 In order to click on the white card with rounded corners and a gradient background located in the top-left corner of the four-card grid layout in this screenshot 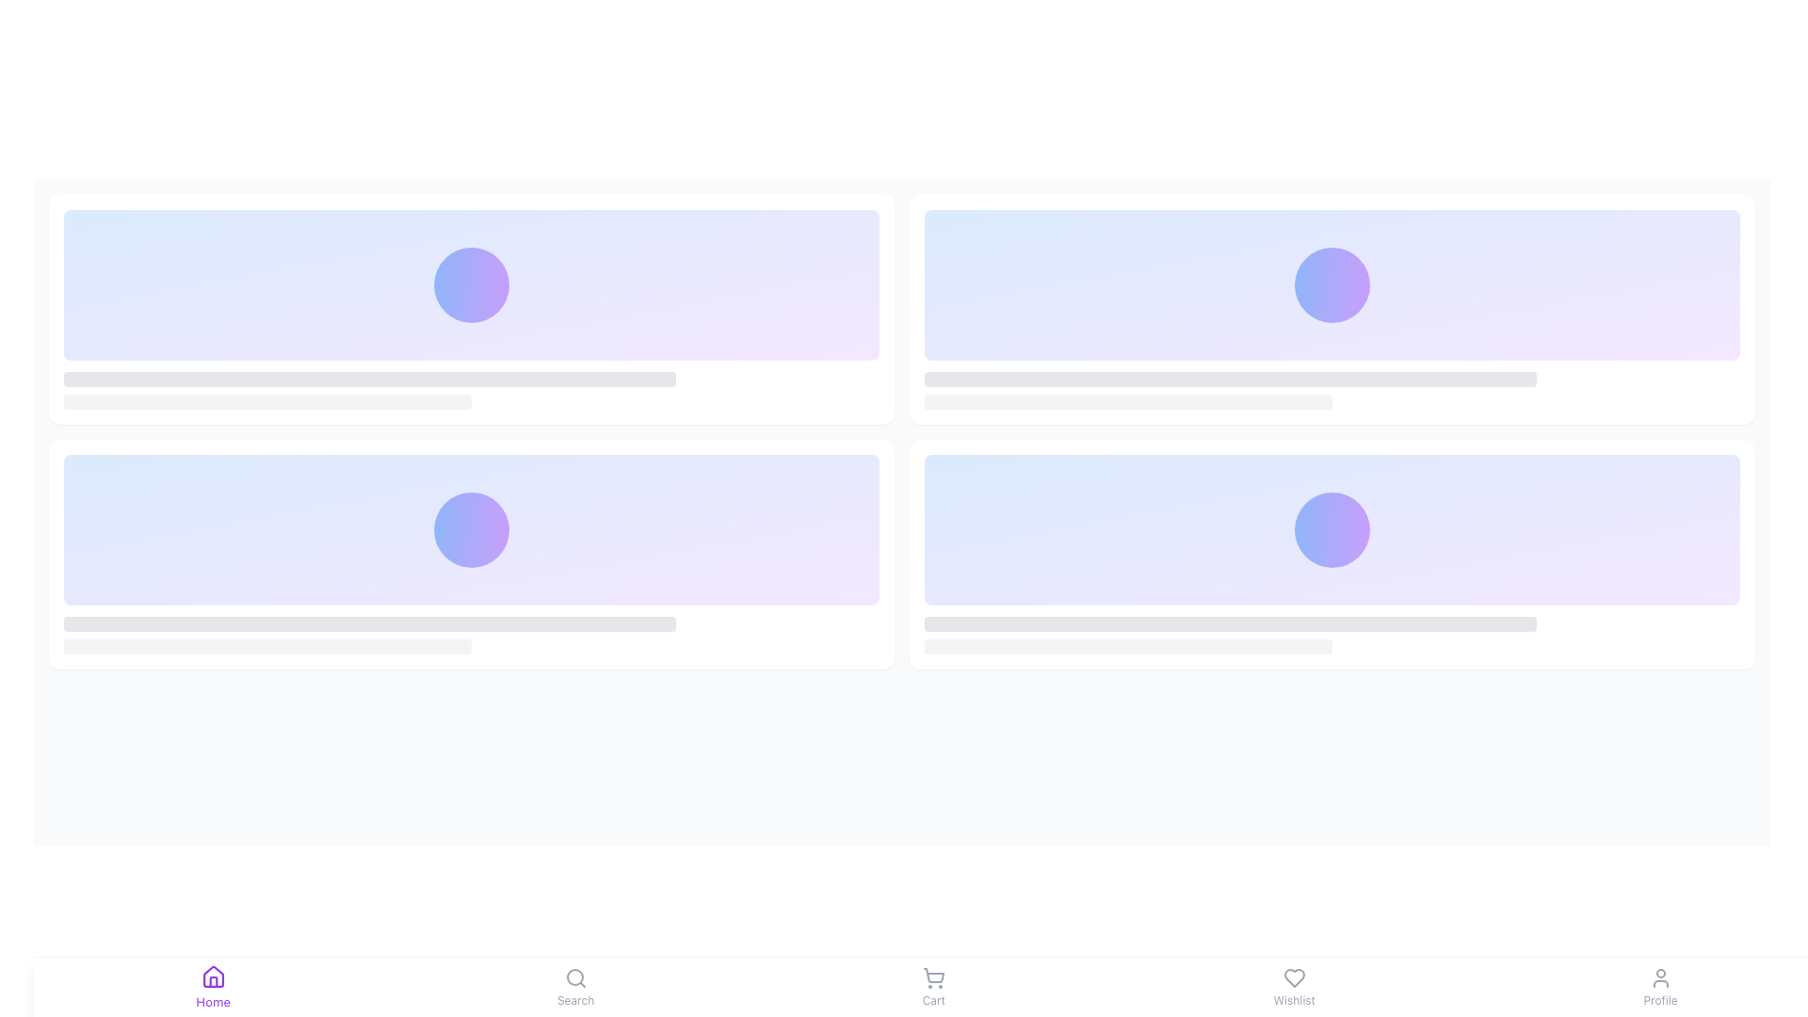, I will do `click(471, 308)`.